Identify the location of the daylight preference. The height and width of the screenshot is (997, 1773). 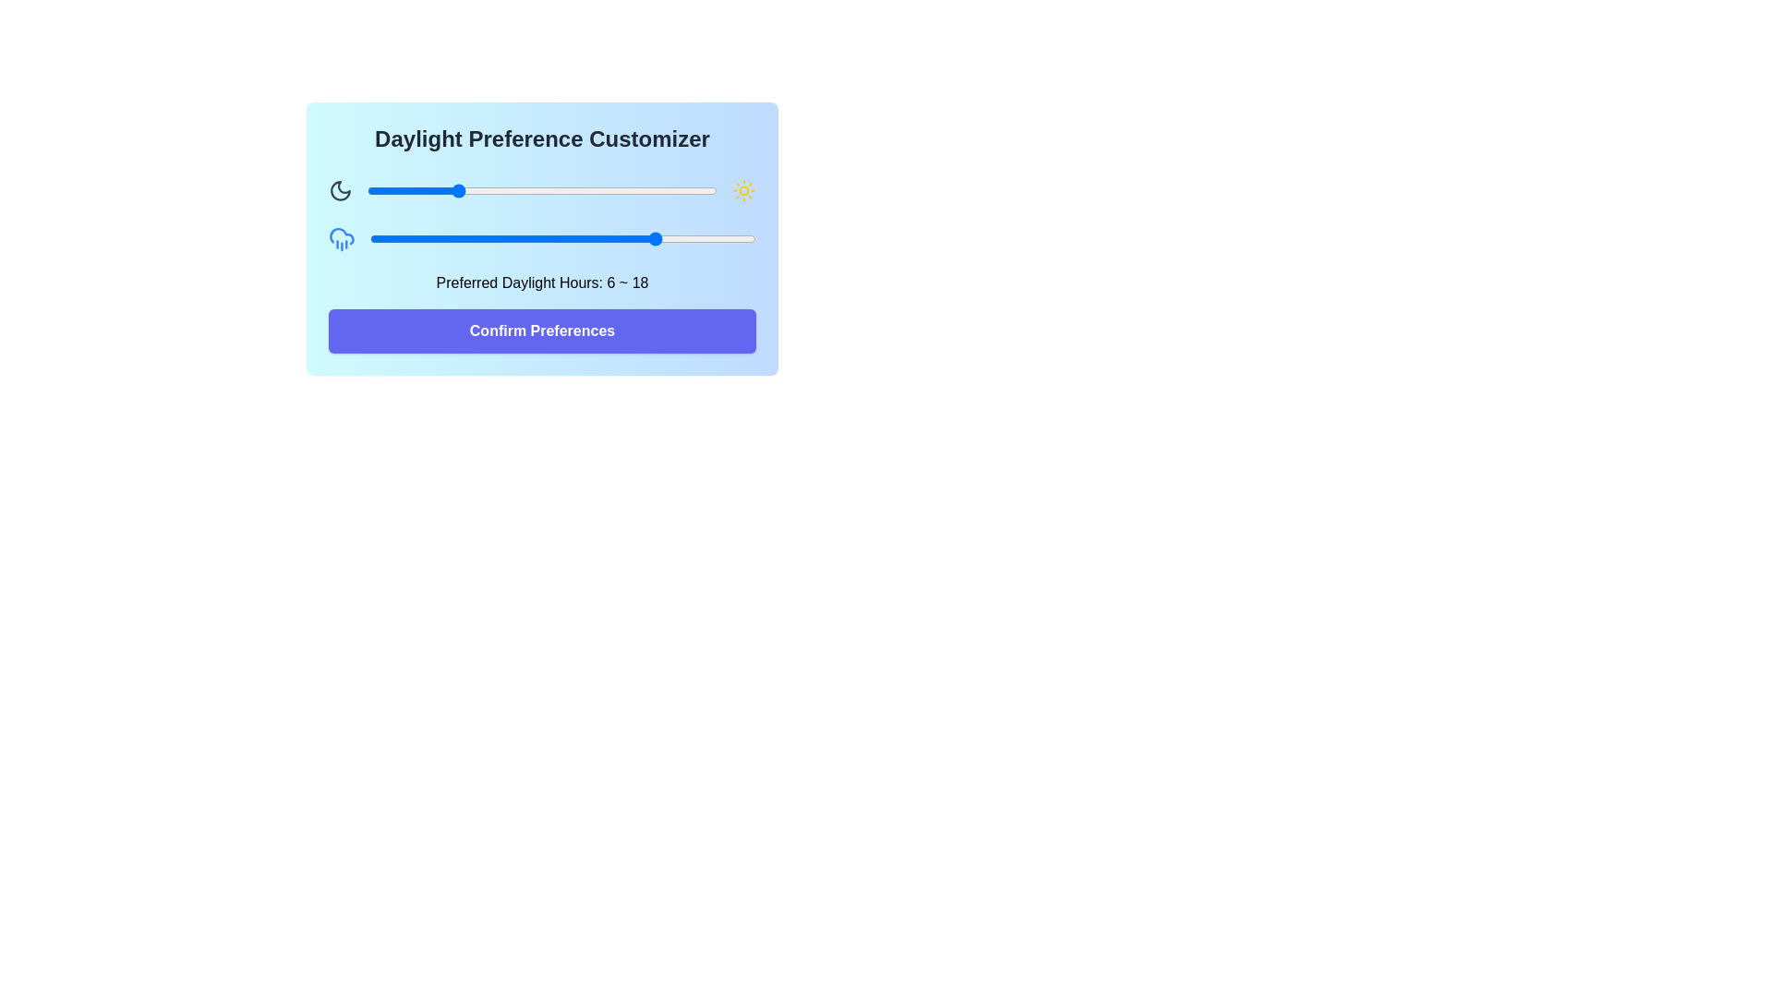
(740, 237).